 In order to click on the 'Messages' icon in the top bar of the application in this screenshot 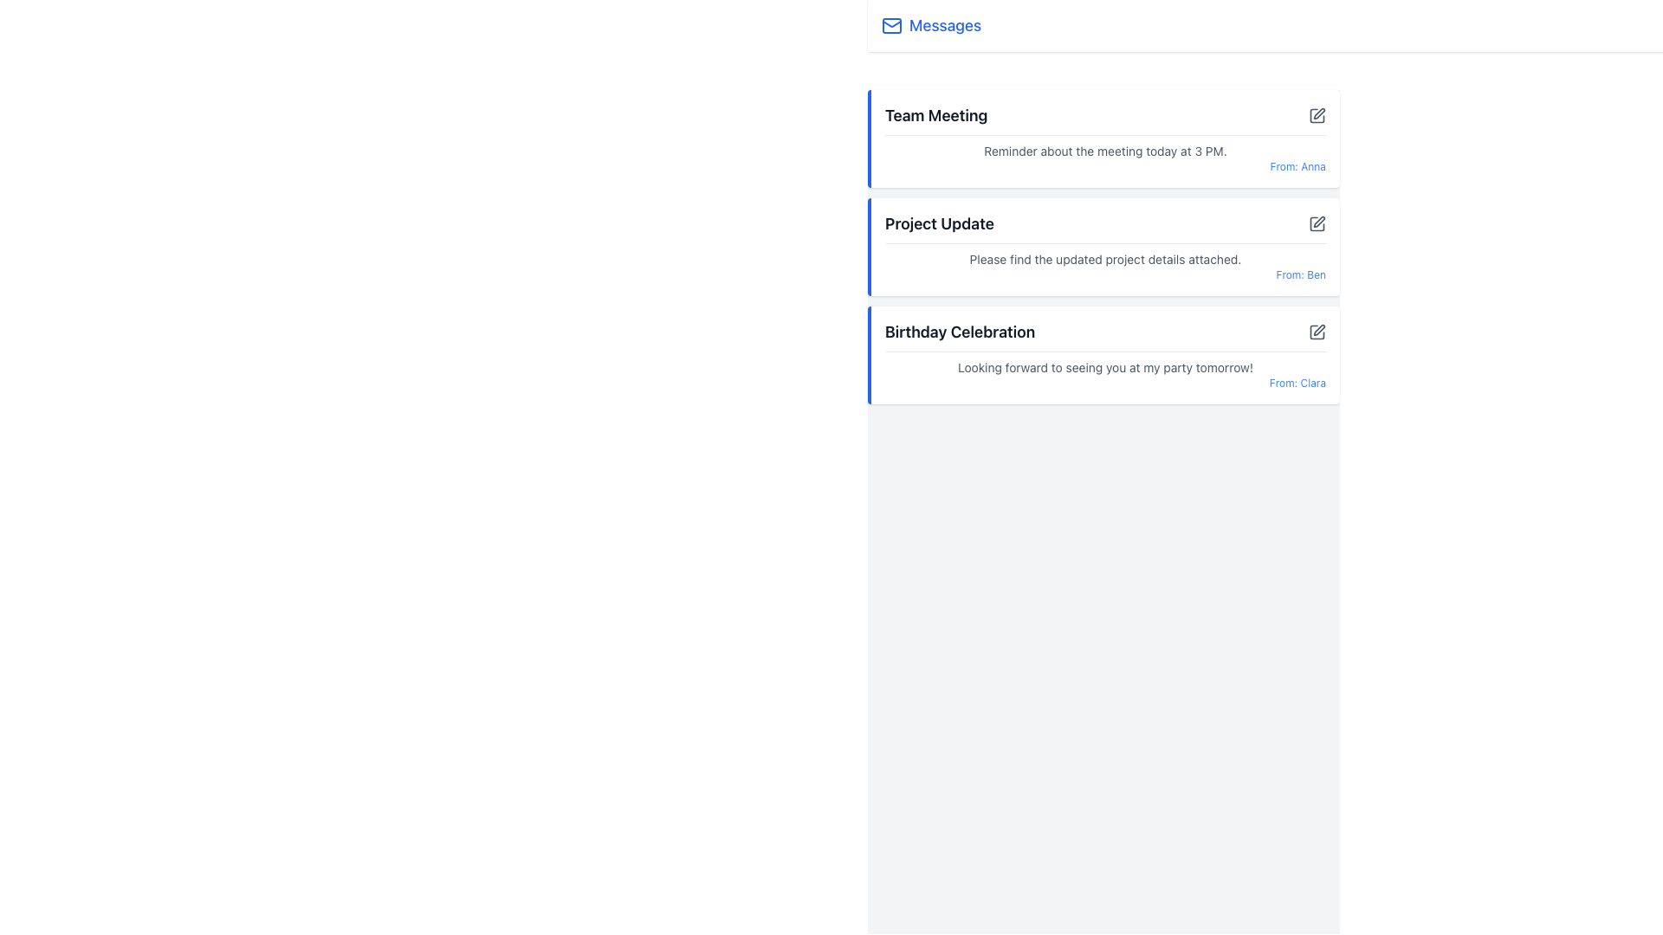, I will do `click(892, 26)`.